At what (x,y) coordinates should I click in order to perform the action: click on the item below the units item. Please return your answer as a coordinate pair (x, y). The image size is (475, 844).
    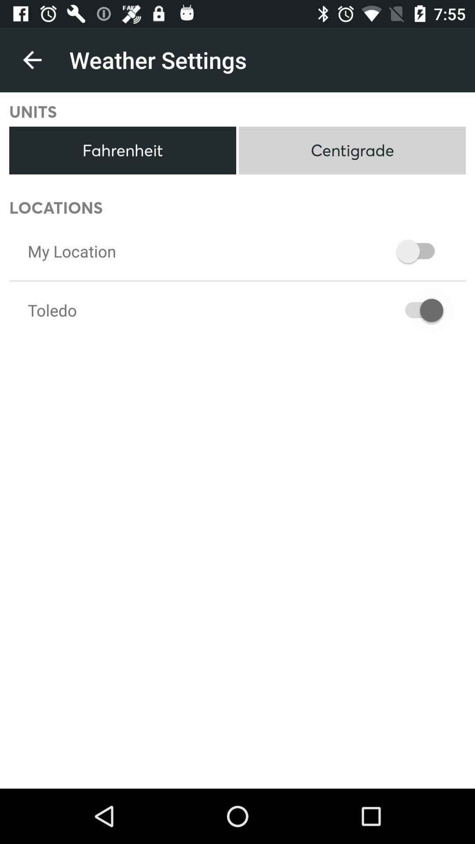
    Looking at the image, I should click on (122, 150).